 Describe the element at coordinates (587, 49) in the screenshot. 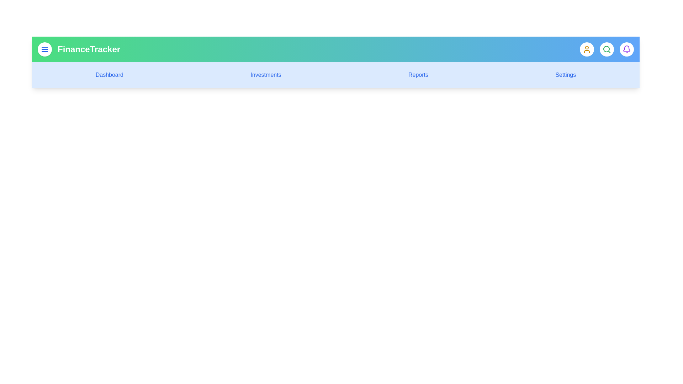

I see `the user profile button` at that location.